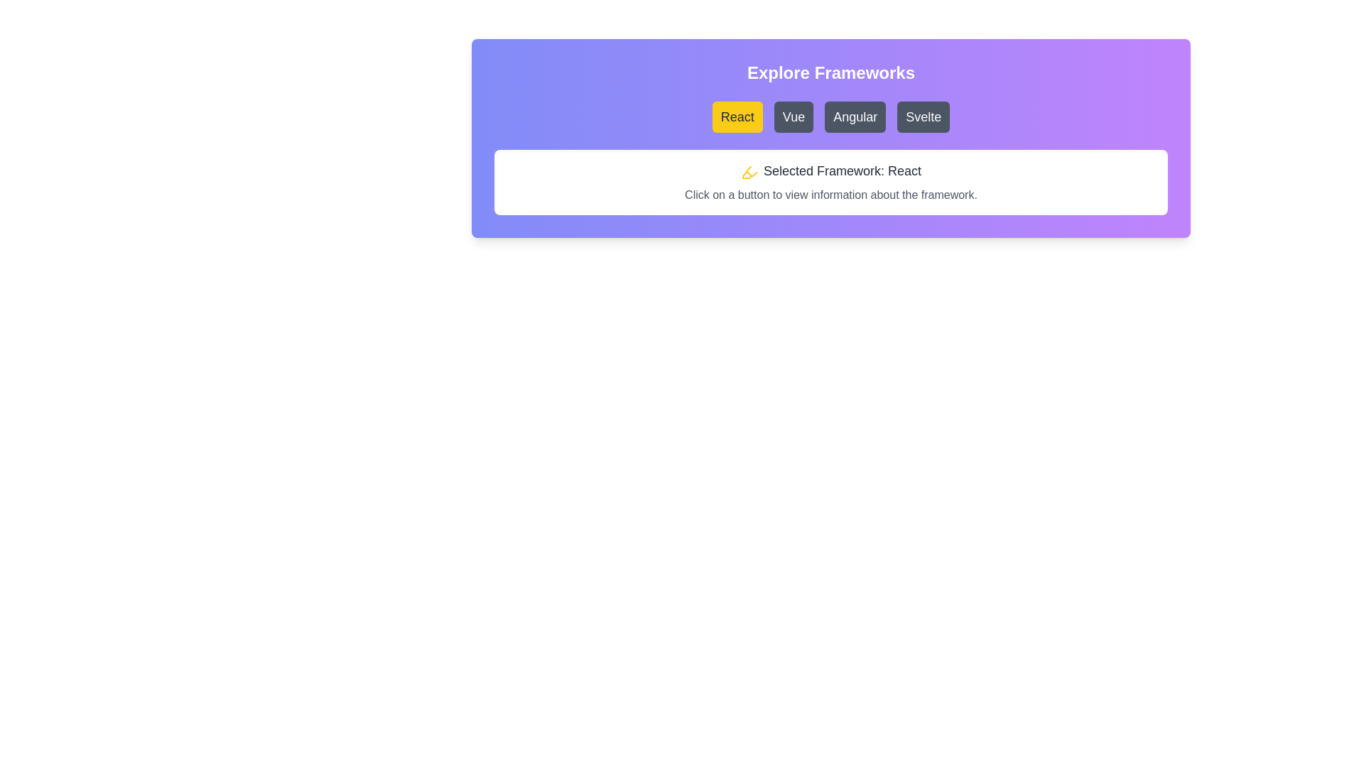  Describe the element at coordinates (737, 116) in the screenshot. I see `the 'React' button with a yellow background and bold text to trigger the hover effect, which may include a scaling animation` at that location.